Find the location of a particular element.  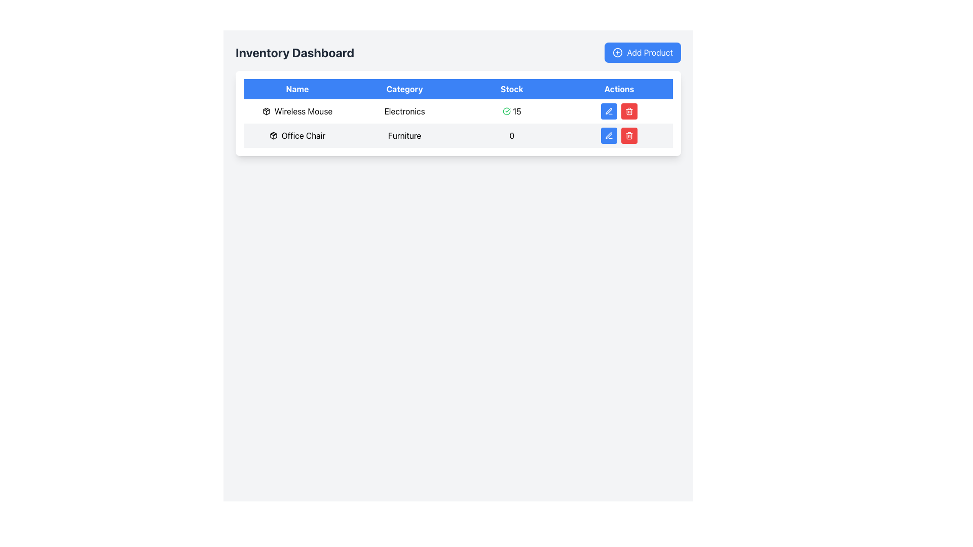

the 'Wireless Mouse' text label with an icon located in the first row under the 'Name' column of the 'Inventory Dashboard' is located at coordinates (296, 111).